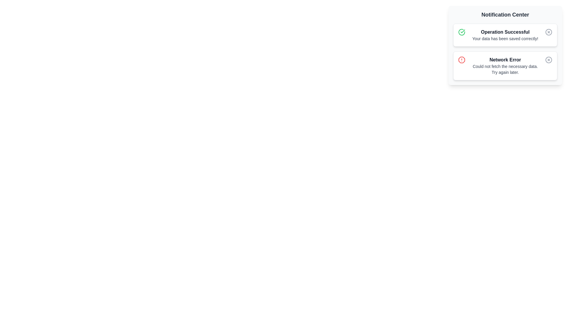 Image resolution: width=568 pixels, height=319 pixels. Describe the element at coordinates (505, 66) in the screenshot. I see `error message from the second notification card in the Notification Center, which displays 'Network Error' with the message 'Could not fetch the necessary data. Try again later.'` at that location.